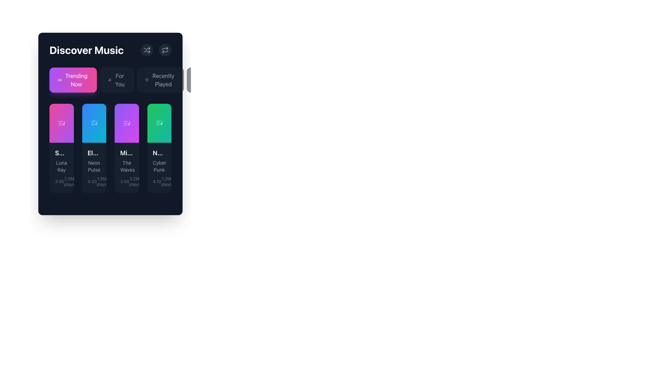 This screenshot has height=376, width=669. What do you see at coordinates (61, 123) in the screenshot?
I see `the play button located in the first card under the 'Discover Music' section` at bounding box center [61, 123].